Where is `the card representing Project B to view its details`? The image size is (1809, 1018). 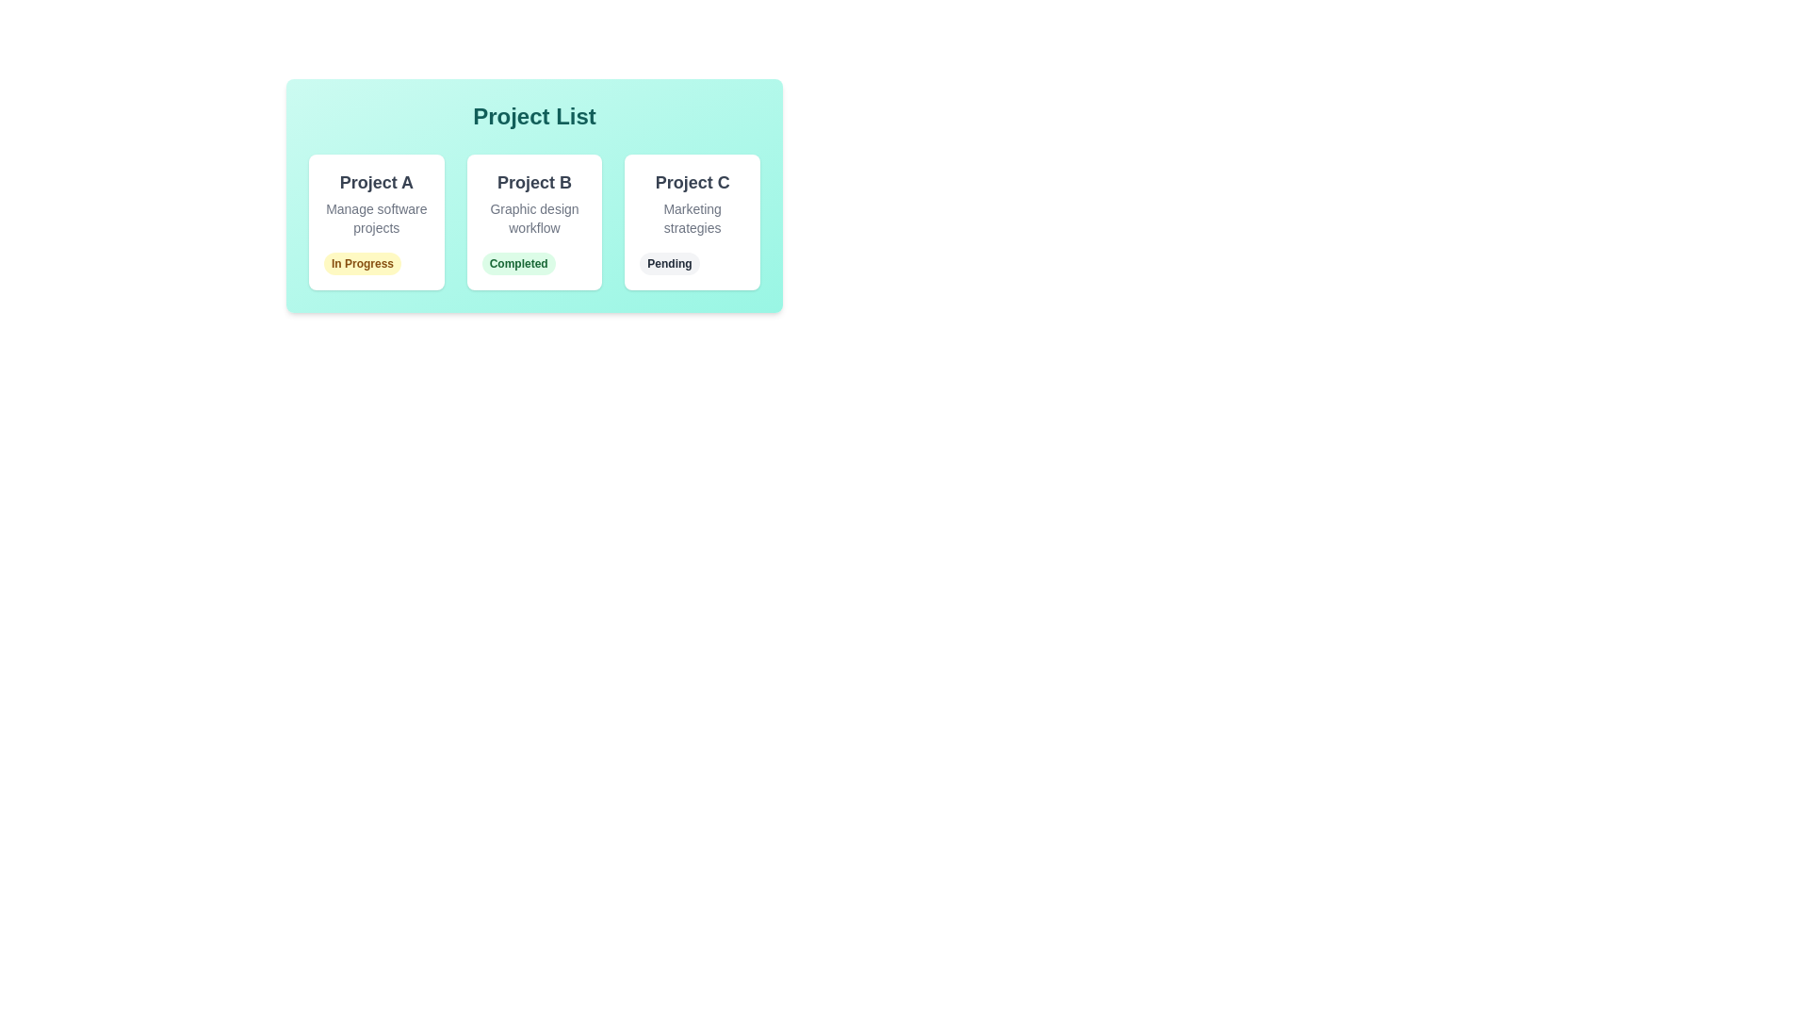
the card representing Project B to view its details is located at coordinates (533, 221).